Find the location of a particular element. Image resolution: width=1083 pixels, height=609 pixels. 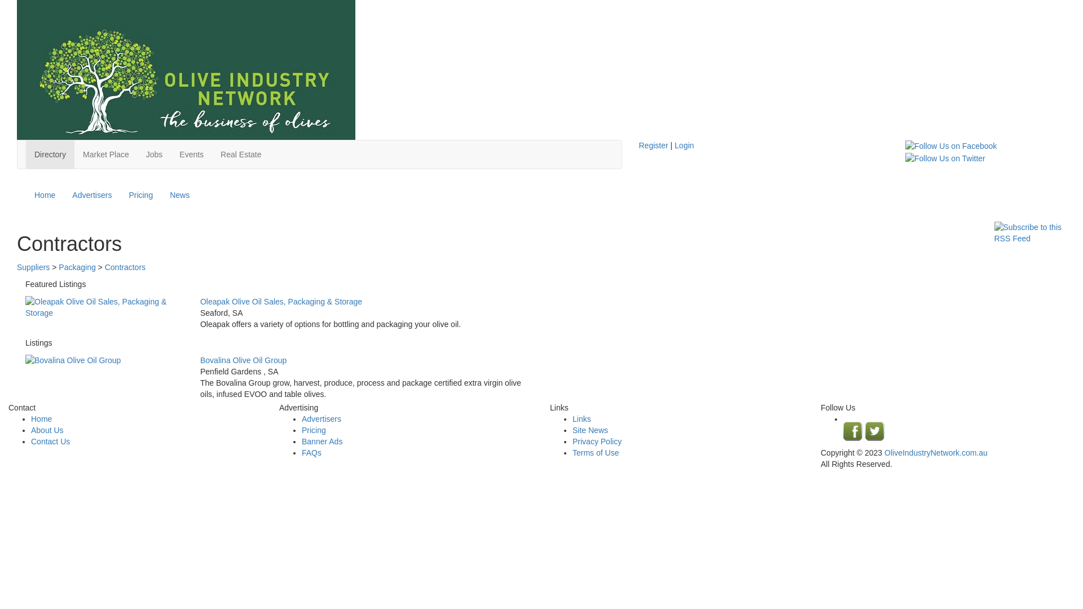

'Privacy Policy' is located at coordinates (596, 441).